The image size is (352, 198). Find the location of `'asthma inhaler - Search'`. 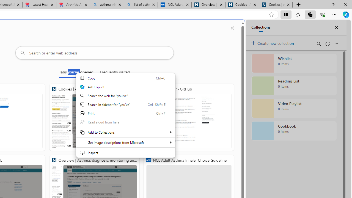

'asthma inhaler - Search' is located at coordinates (107, 5).